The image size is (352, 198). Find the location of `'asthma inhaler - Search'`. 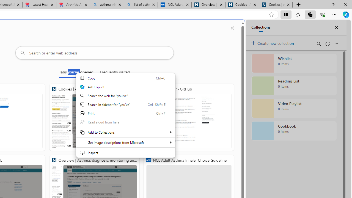

'asthma inhaler - Search' is located at coordinates (107, 5).